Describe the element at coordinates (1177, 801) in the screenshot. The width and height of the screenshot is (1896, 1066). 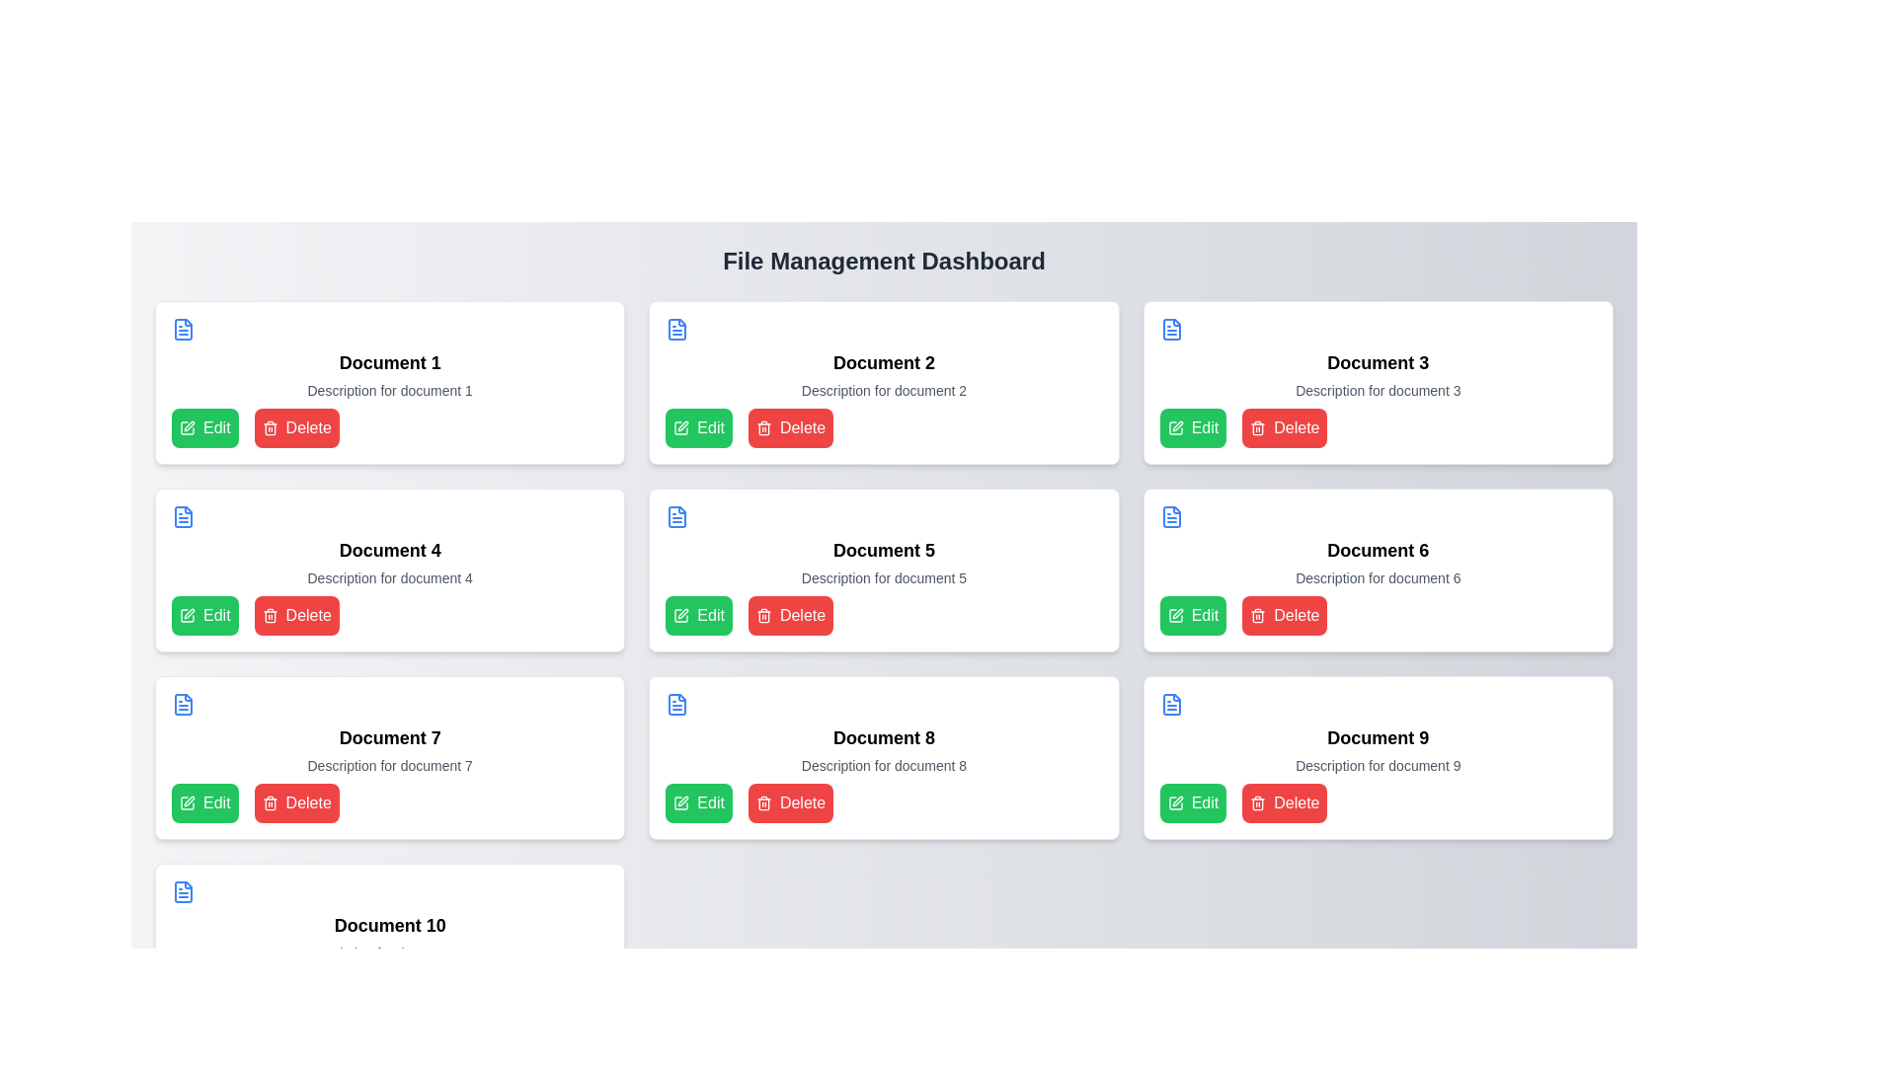
I see `the 'Edit' icon located within the 'Document 9' card` at that location.